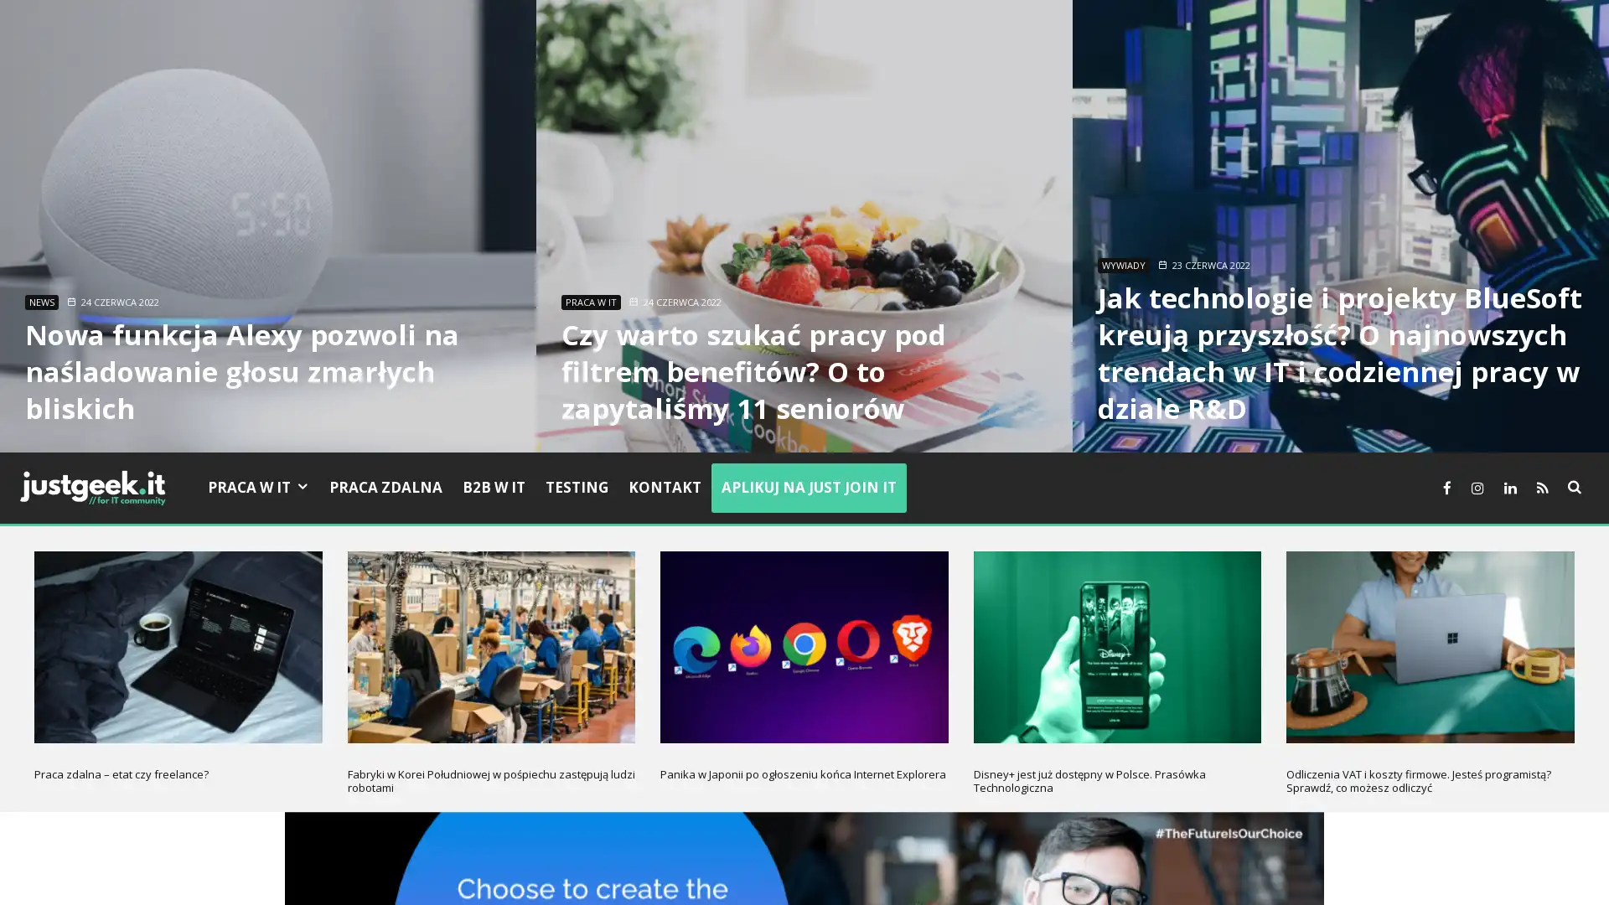  I want to click on Akceptuje, so click(758, 881).